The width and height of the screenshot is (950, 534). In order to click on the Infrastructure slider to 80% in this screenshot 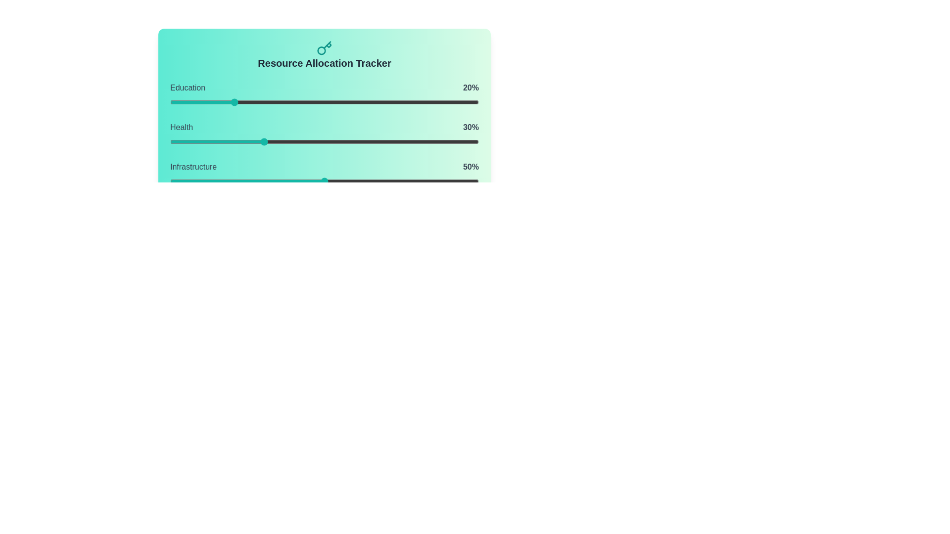, I will do `click(417, 181)`.